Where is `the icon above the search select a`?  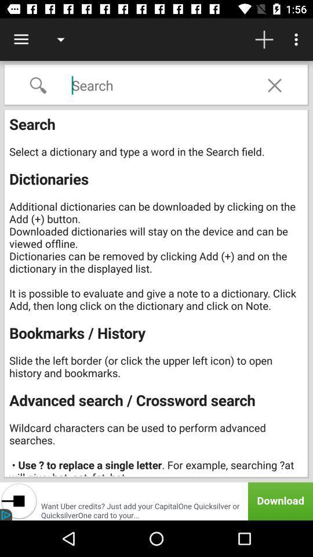
the icon above the search select a is located at coordinates (274, 85).